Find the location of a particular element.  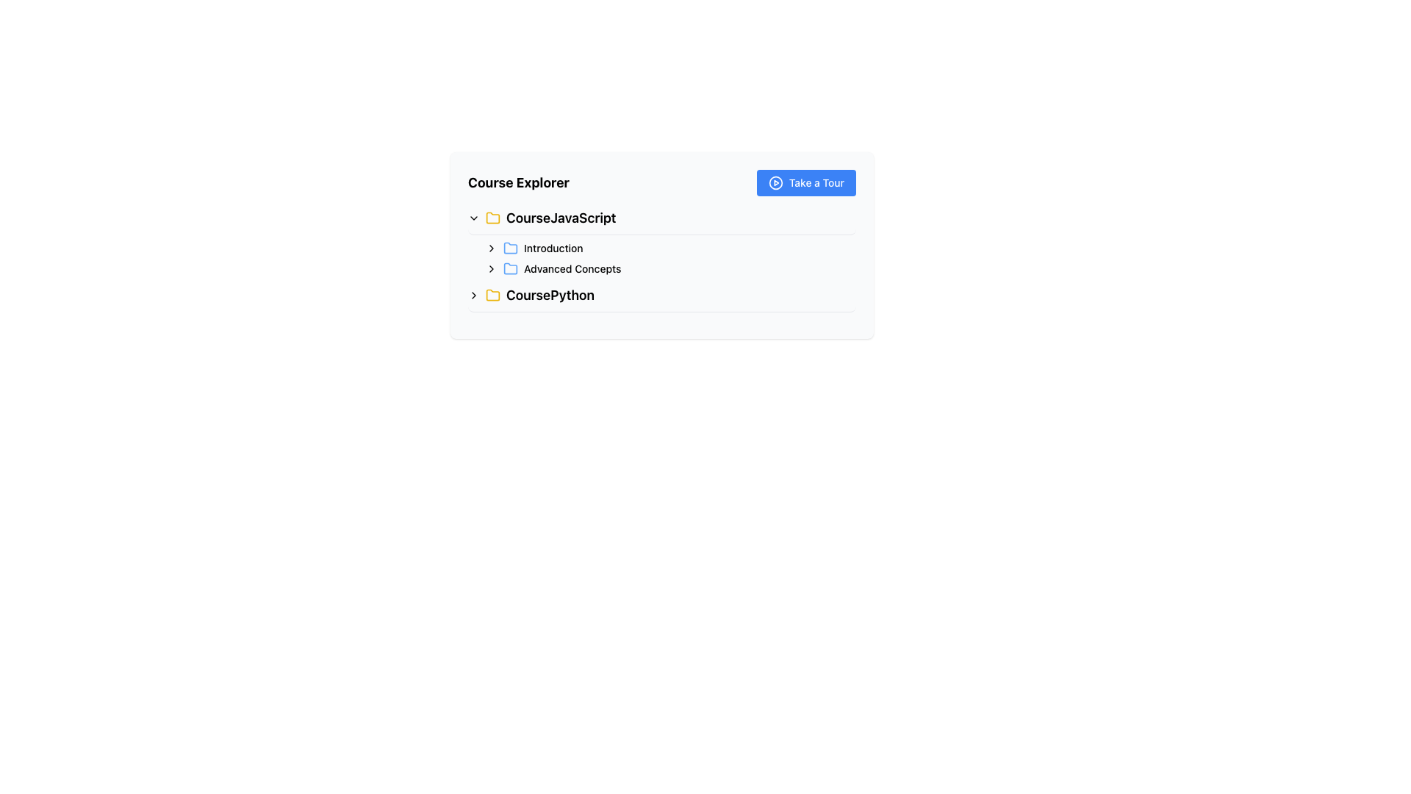

the Chevron button, which is a black right-facing chevron icon located to the left of the text 'Advanced Concepts' is located at coordinates (491, 269).